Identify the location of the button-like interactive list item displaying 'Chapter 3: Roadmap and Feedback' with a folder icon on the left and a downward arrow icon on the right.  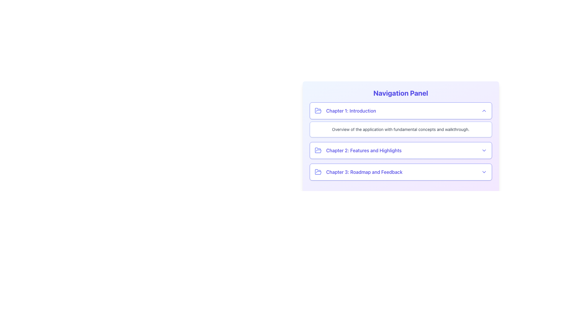
(400, 172).